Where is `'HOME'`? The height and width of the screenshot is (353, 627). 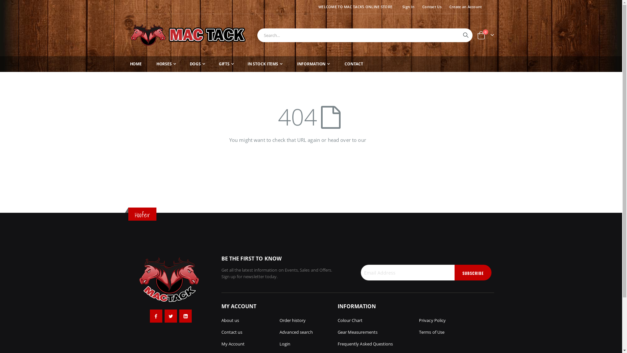
'HOME' is located at coordinates (135, 64).